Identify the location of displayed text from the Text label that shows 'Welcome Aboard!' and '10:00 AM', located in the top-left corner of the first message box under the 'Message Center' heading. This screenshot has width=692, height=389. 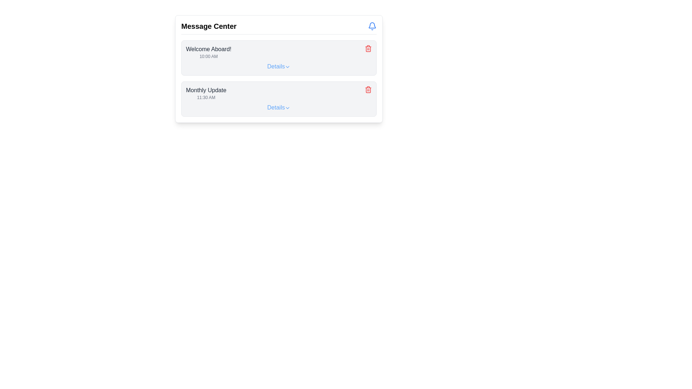
(208, 52).